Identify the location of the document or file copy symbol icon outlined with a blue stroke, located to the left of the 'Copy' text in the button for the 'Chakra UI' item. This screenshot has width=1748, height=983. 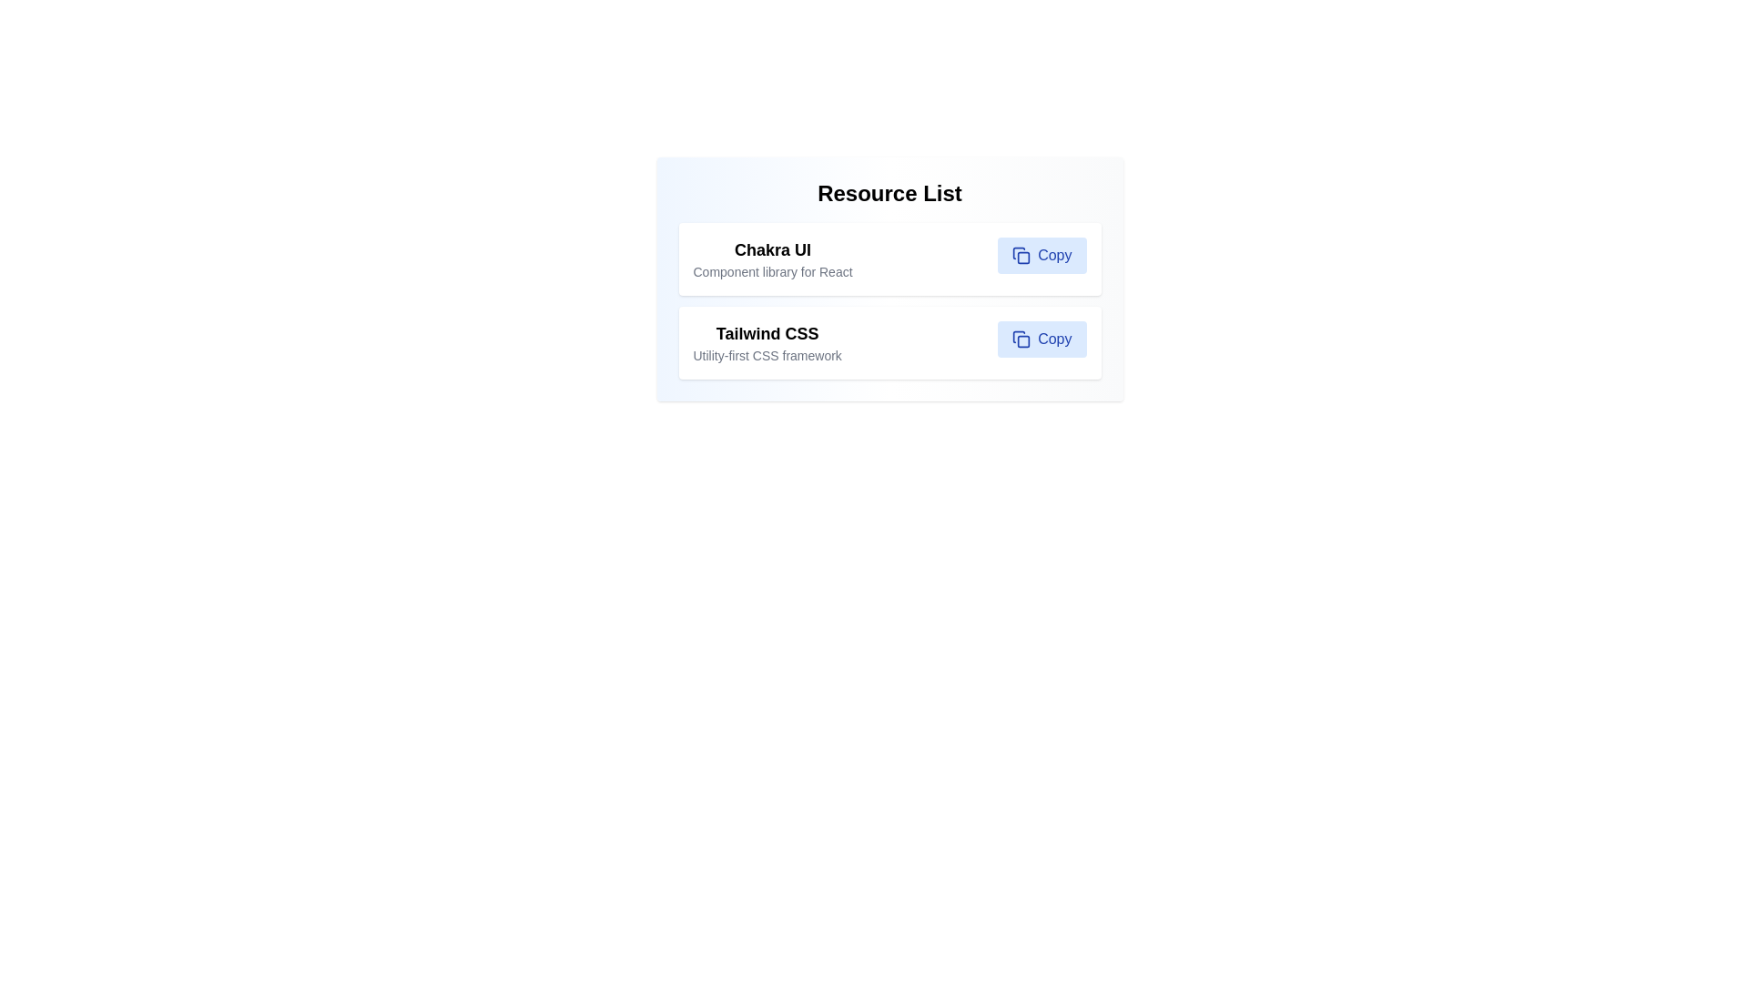
(1021, 256).